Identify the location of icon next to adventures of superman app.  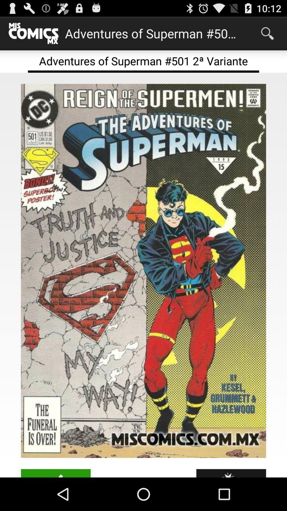
(267, 33).